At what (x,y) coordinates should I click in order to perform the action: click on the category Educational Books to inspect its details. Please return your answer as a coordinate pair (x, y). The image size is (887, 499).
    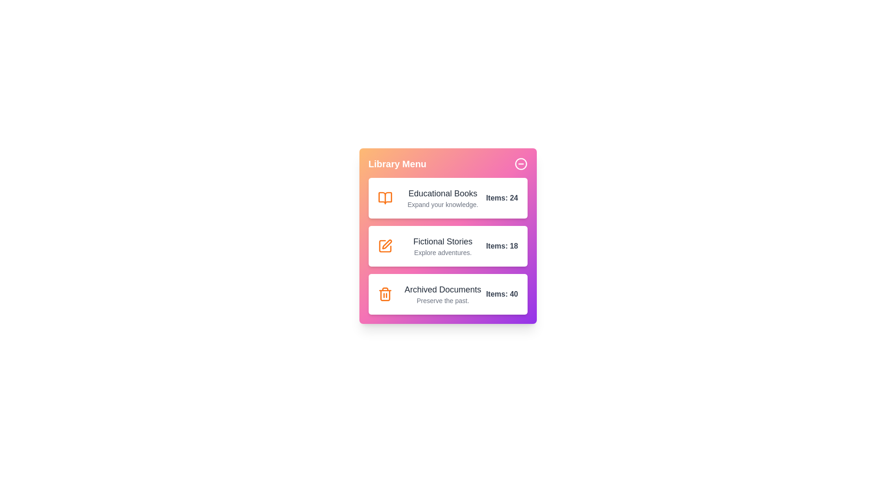
    Looking at the image, I should click on (448, 197).